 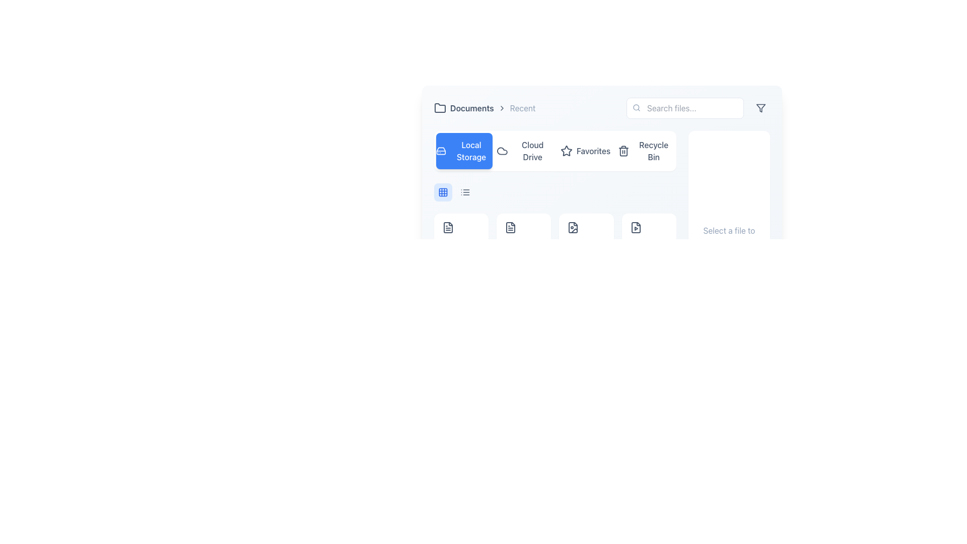 What do you see at coordinates (729, 237) in the screenshot?
I see `the static text located in the bottom half of the right-side panel of the interface` at bounding box center [729, 237].